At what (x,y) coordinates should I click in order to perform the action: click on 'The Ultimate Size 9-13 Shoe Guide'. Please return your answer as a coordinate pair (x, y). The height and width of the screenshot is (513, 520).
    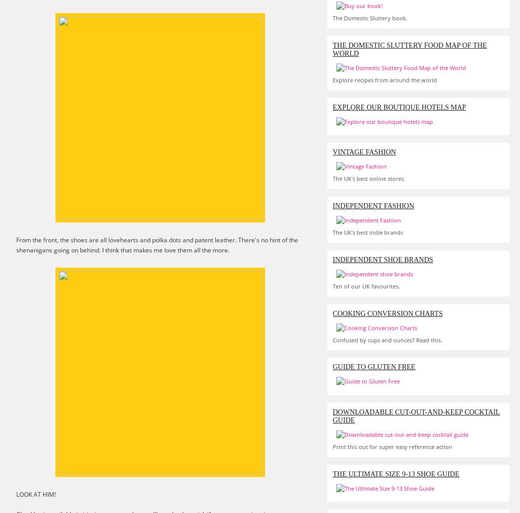
    Looking at the image, I should click on (396, 473).